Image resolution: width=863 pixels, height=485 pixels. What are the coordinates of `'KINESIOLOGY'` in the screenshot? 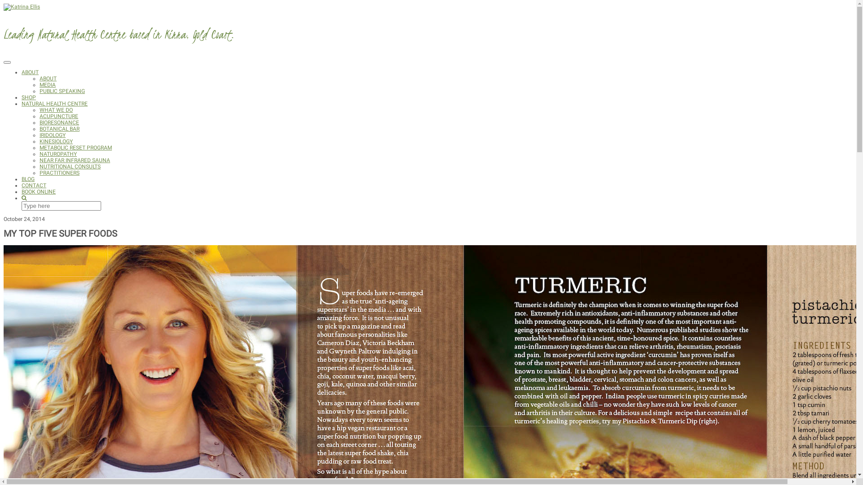 It's located at (55, 141).